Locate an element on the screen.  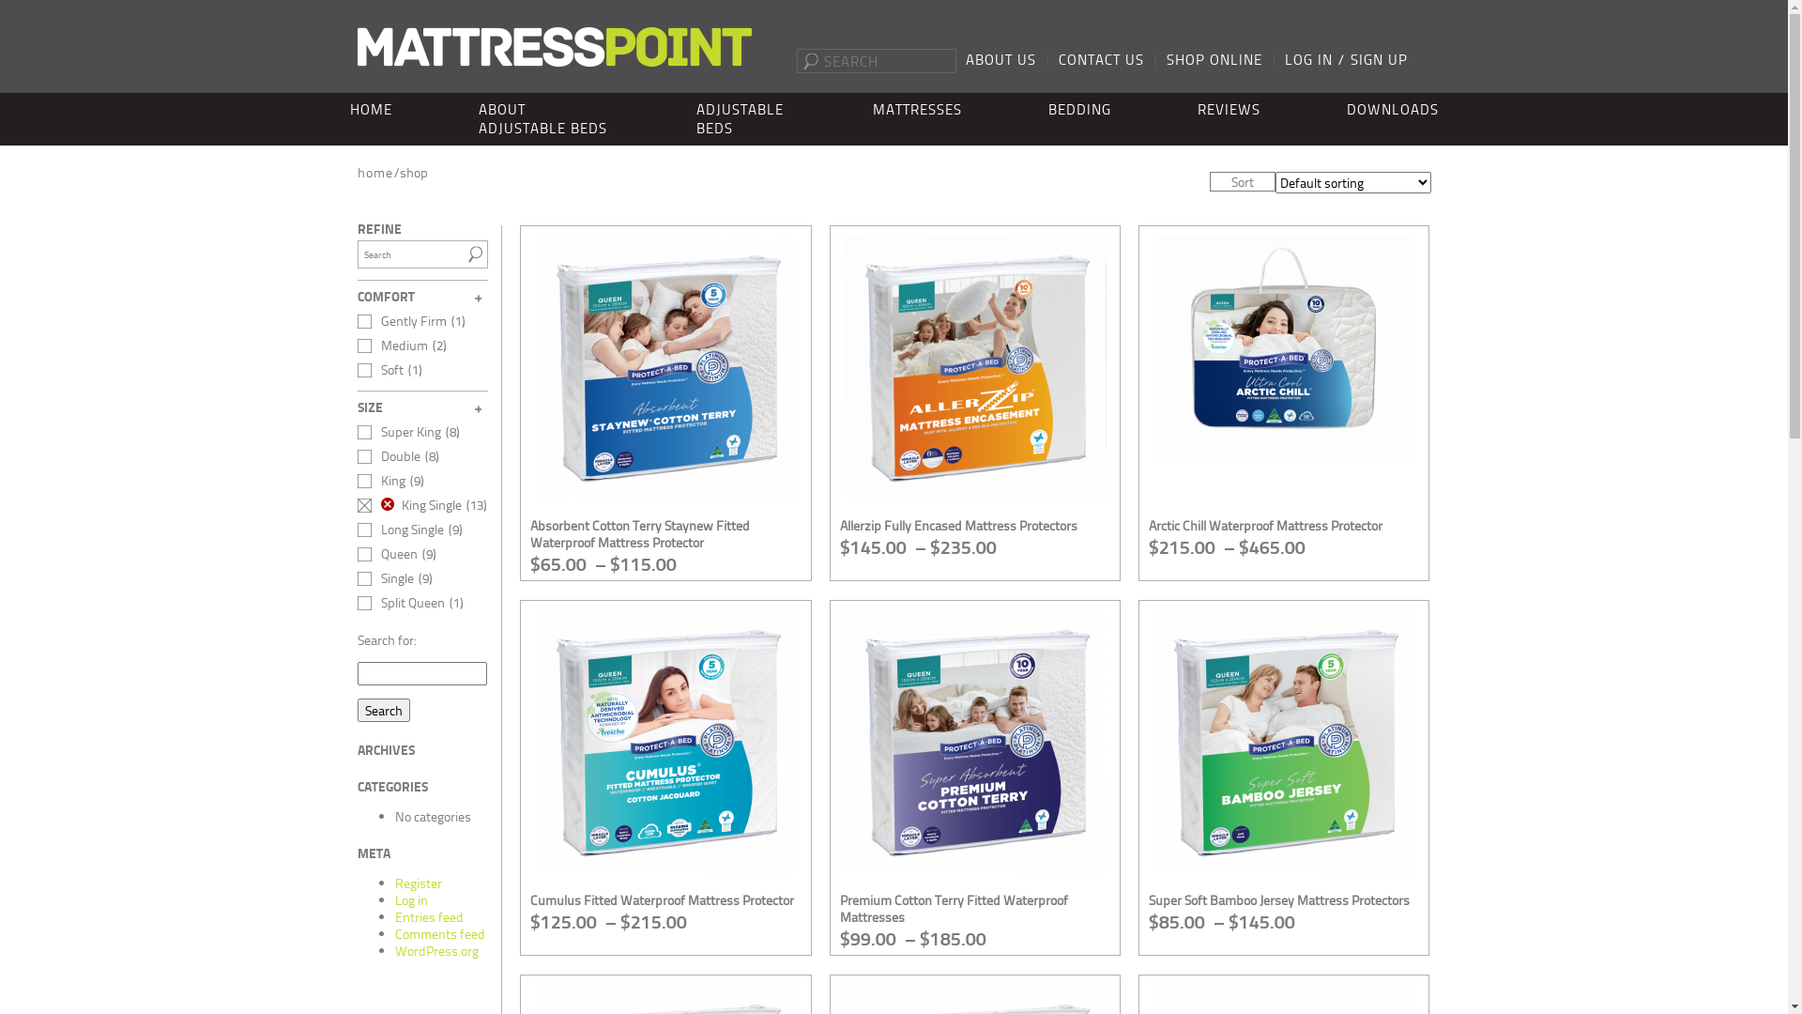
'Super King' is located at coordinates (356, 431).